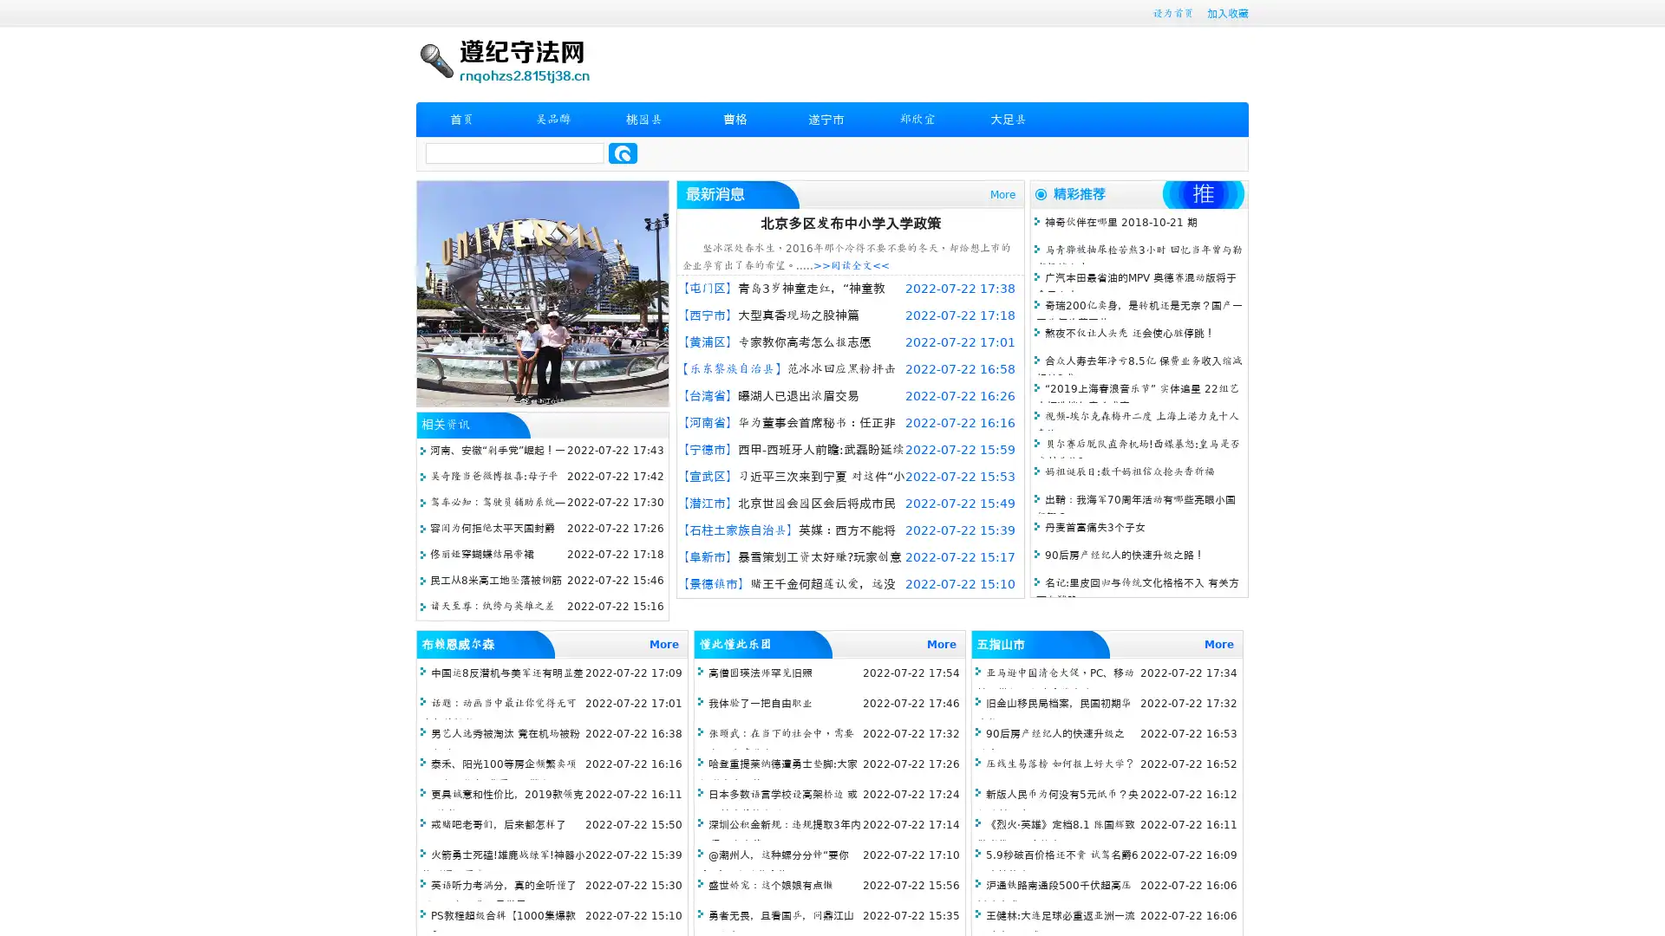 This screenshot has width=1665, height=936. I want to click on Search, so click(623, 153).